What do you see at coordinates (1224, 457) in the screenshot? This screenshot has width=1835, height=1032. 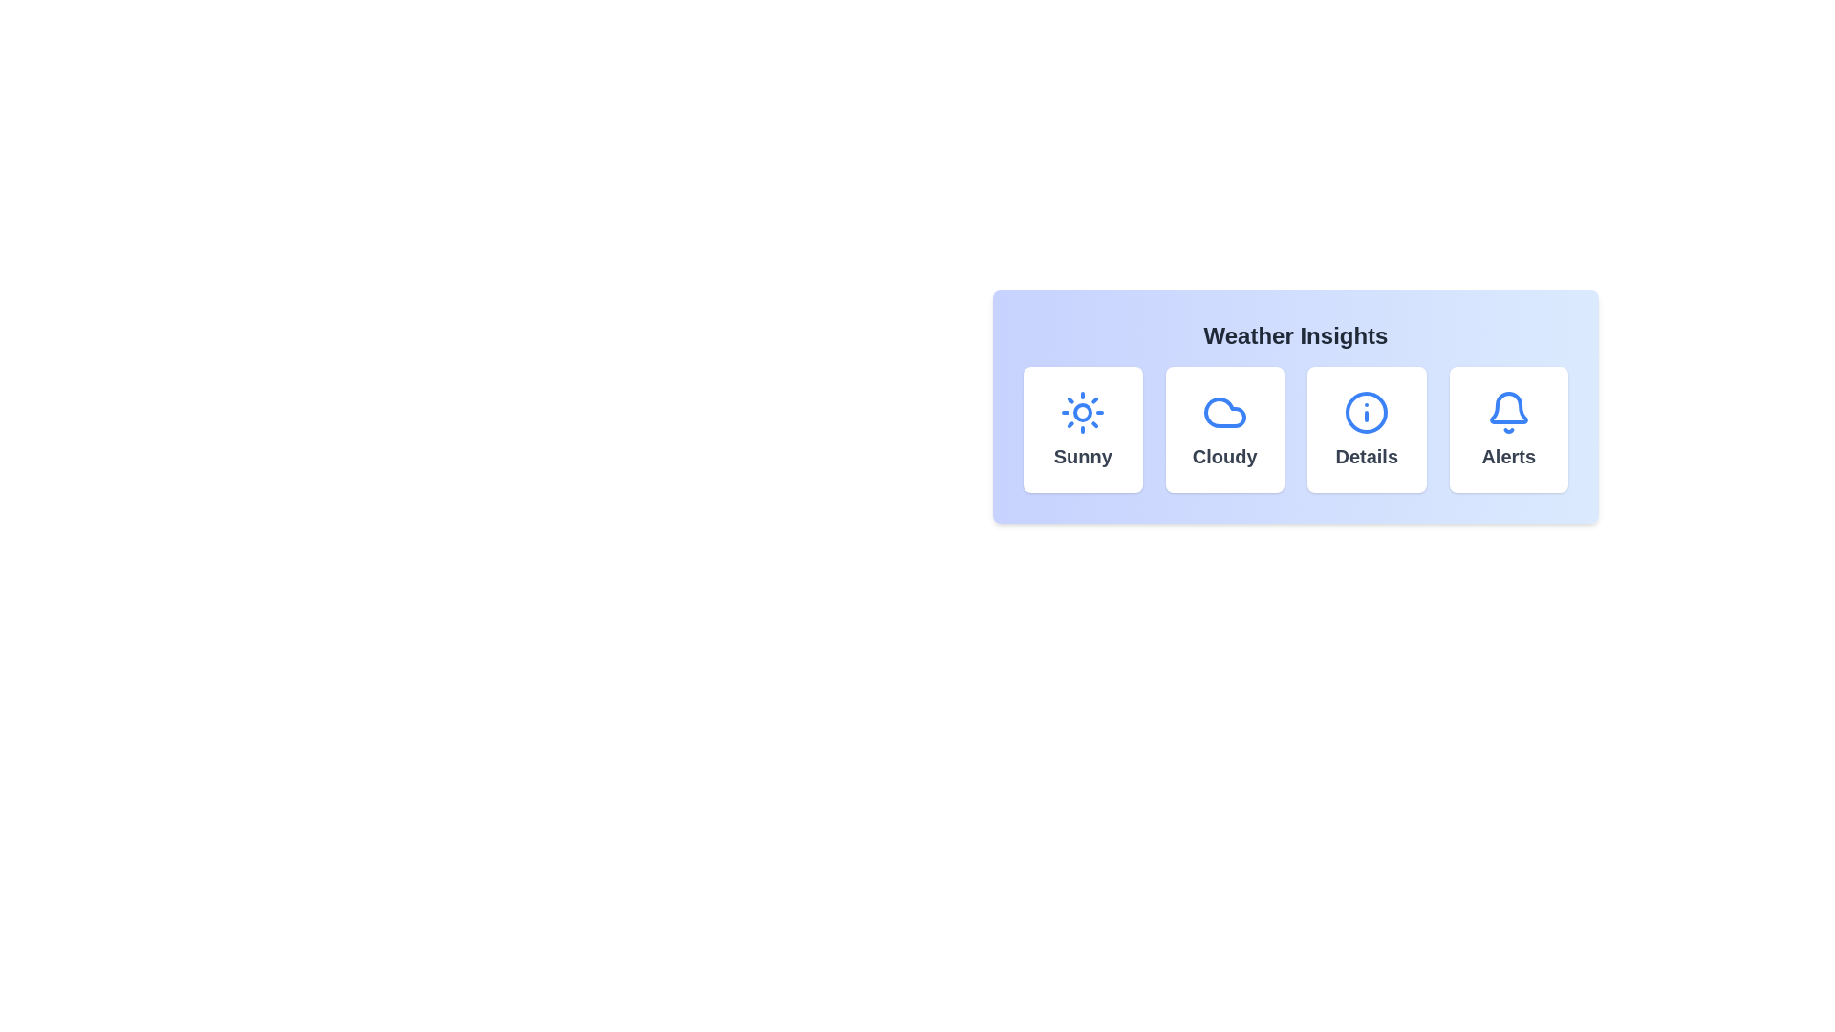 I see `the non-interactive label that displays the text 'Cloudy' in the second card from the left in a horizontal row of weather cards` at bounding box center [1224, 457].